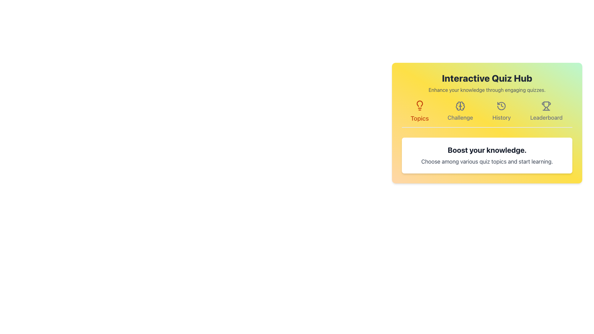 This screenshot has width=594, height=334. Describe the element at coordinates (501, 118) in the screenshot. I see `the 'History' text label, which is styled in gray and positioned within the 'Interactive Quiz Hub' panel as the third option in a horizontal menu` at that location.